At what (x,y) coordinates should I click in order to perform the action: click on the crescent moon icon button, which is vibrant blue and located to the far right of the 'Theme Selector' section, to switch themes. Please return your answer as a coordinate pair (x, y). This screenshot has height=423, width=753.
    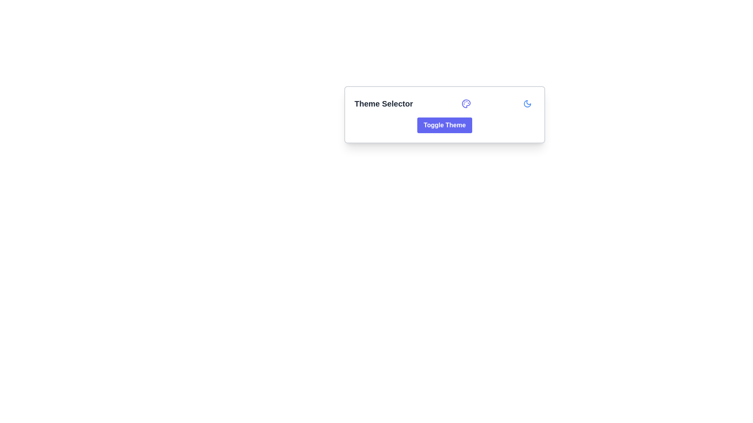
    Looking at the image, I should click on (527, 103).